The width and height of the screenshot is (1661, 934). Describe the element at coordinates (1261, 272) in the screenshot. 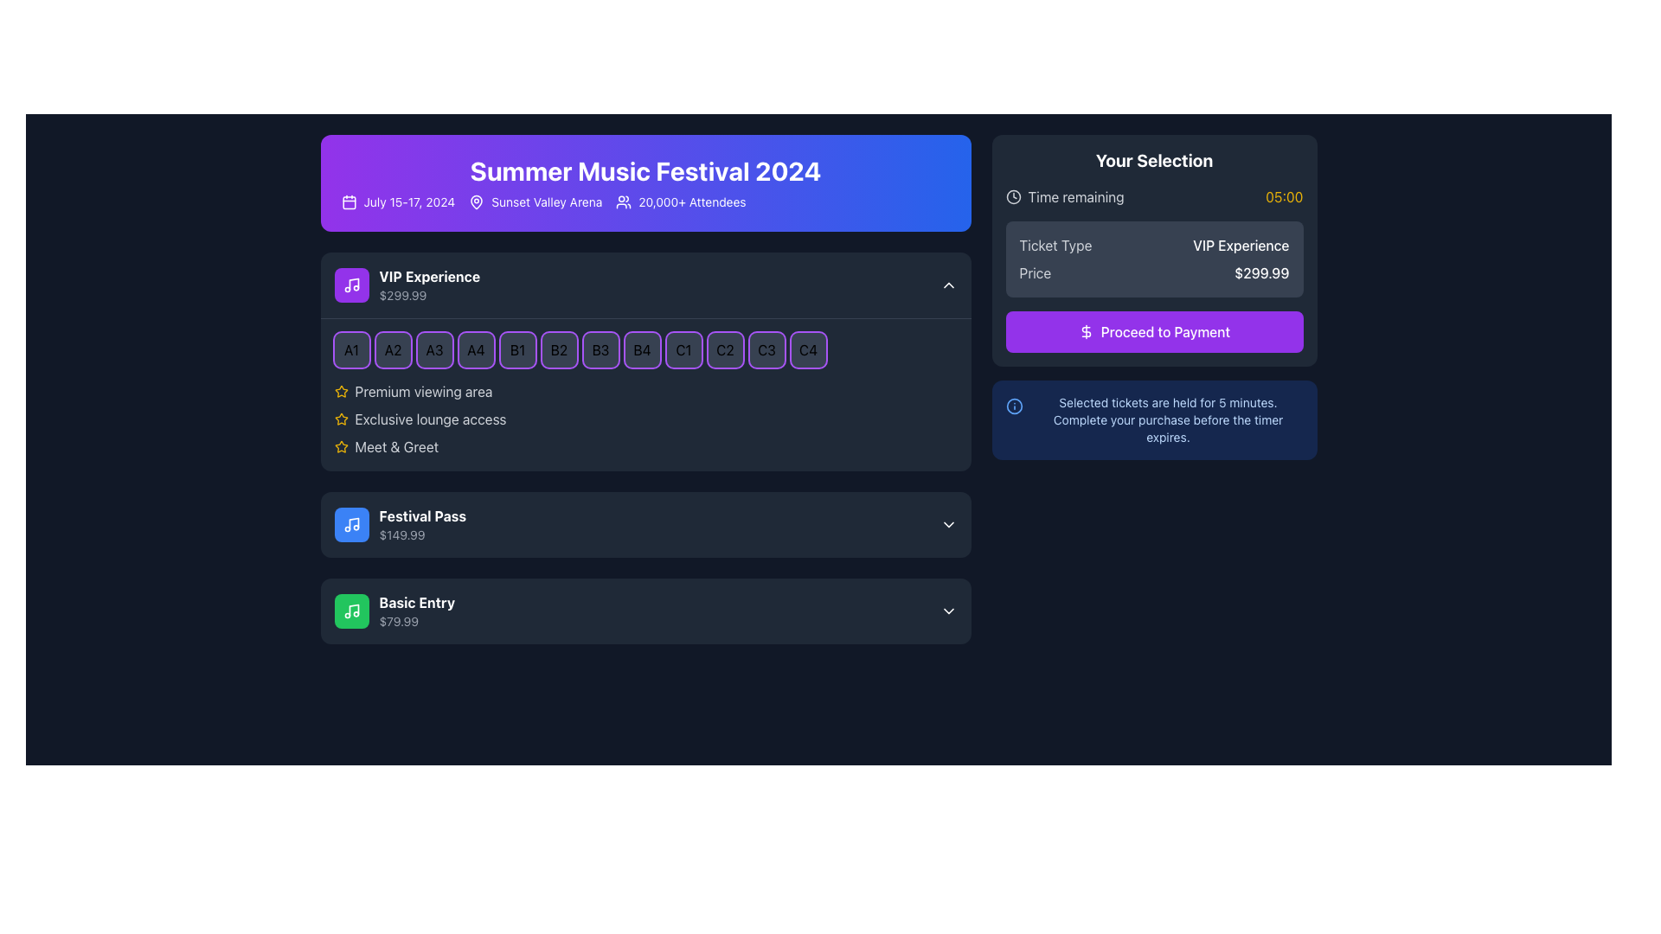

I see `displayed price from the text label located in the 'Your Selection' section, to the right of the 'Price' text label` at that location.